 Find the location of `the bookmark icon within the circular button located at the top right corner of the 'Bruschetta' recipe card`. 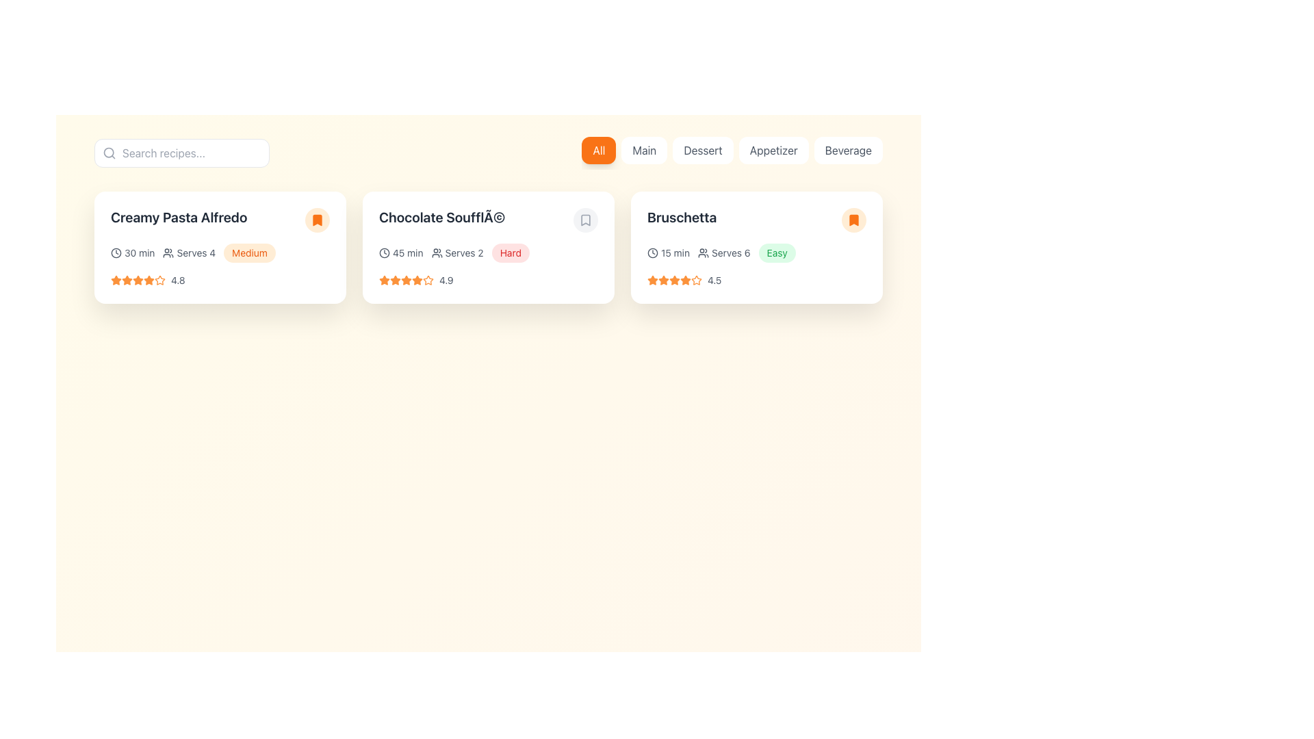

the bookmark icon within the circular button located at the top right corner of the 'Bruschetta' recipe card is located at coordinates (853, 219).